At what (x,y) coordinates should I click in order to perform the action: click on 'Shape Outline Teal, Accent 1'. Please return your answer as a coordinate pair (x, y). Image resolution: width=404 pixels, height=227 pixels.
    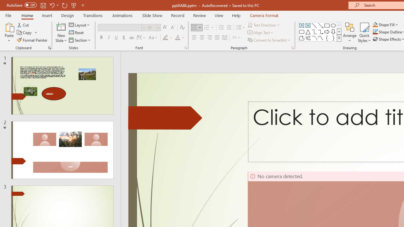
    Looking at the image, I should click on (375, 32).